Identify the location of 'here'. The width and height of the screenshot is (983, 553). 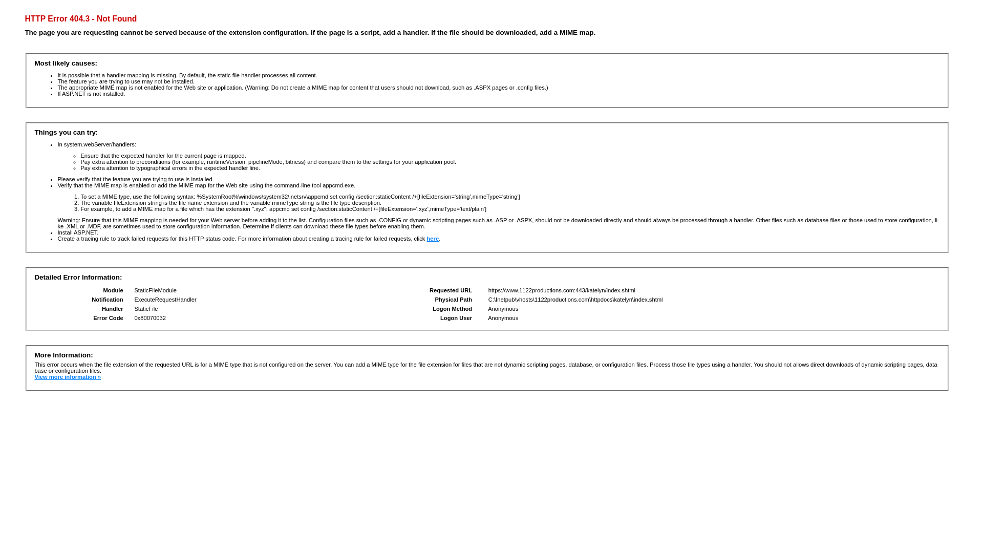
(426, 239).